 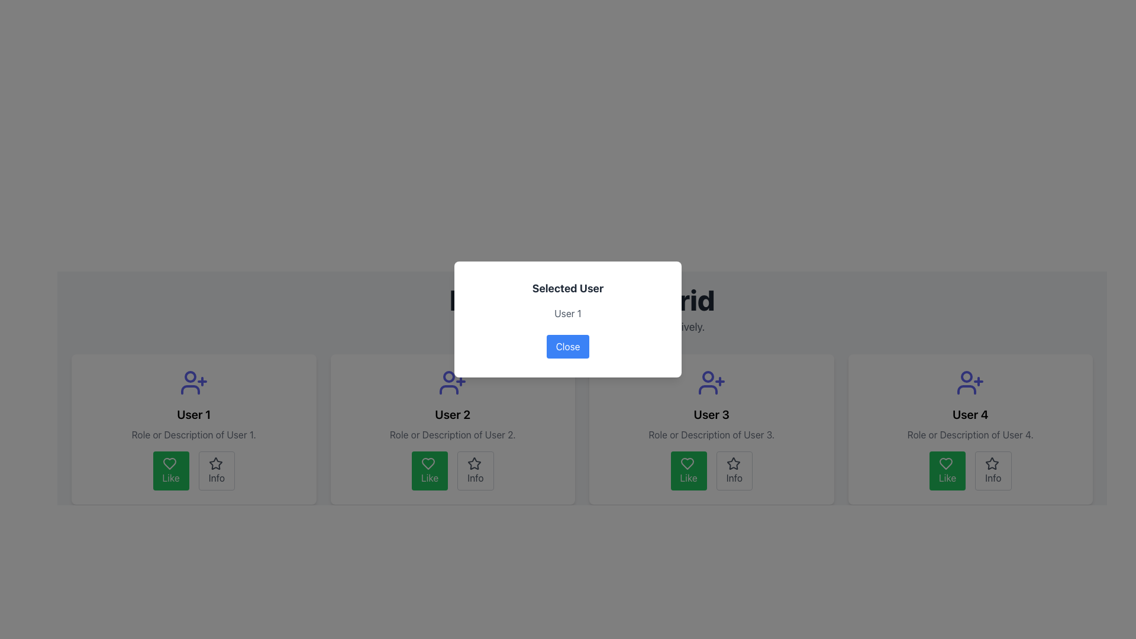 I want to click on the star-shaped icon button outlined with a dark stroke located in the card for 'User 4', so click(x=992, y=463).